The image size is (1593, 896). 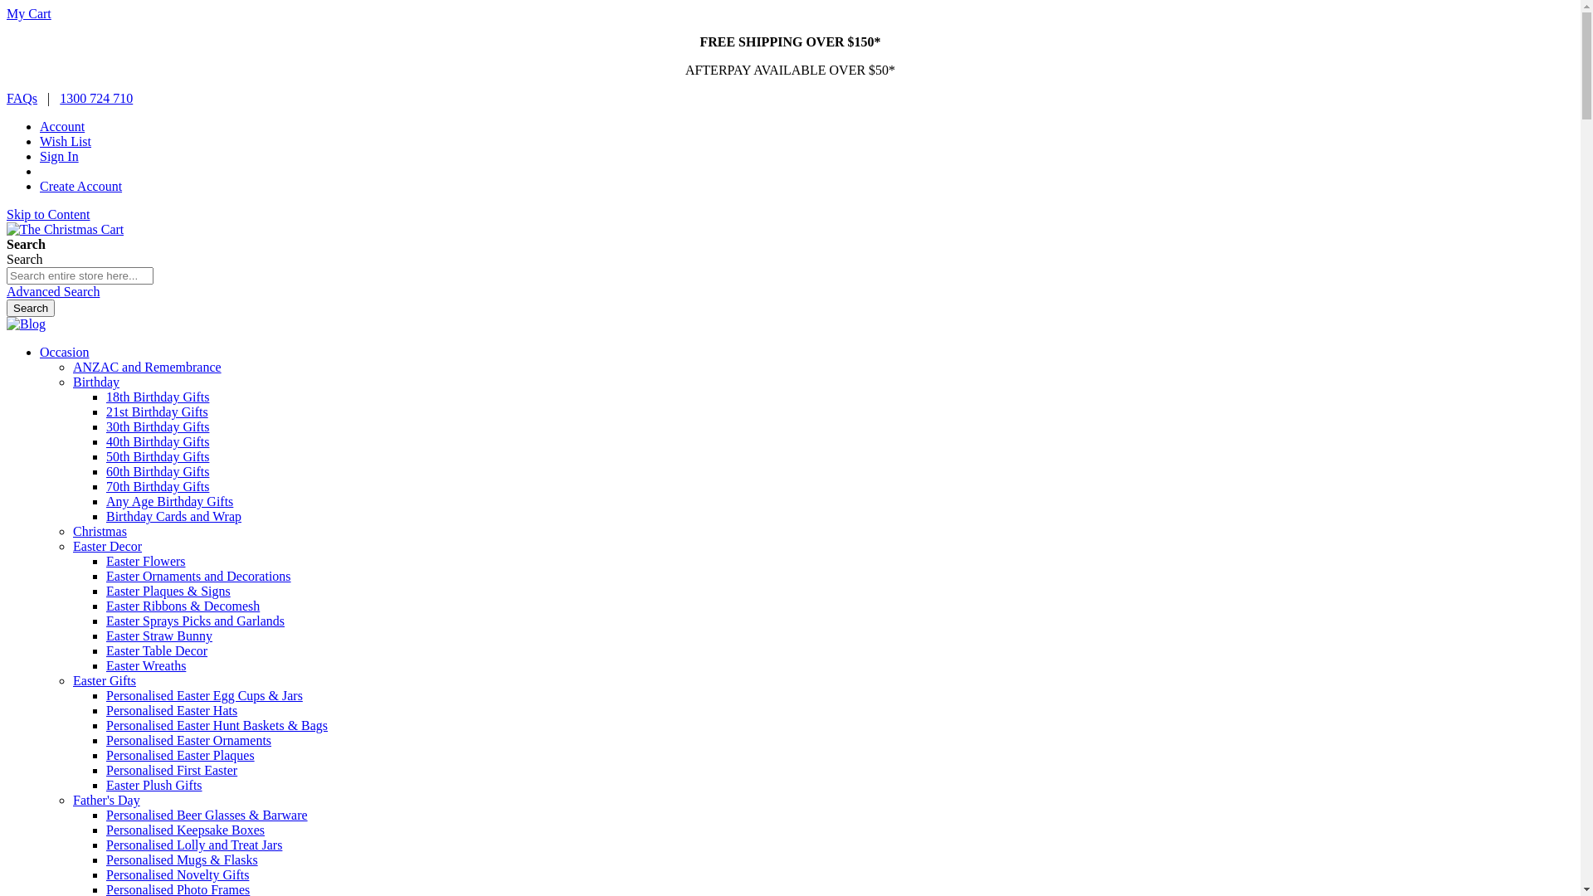 I want to click on 'Skip to Content', so click(x=47, y=213).